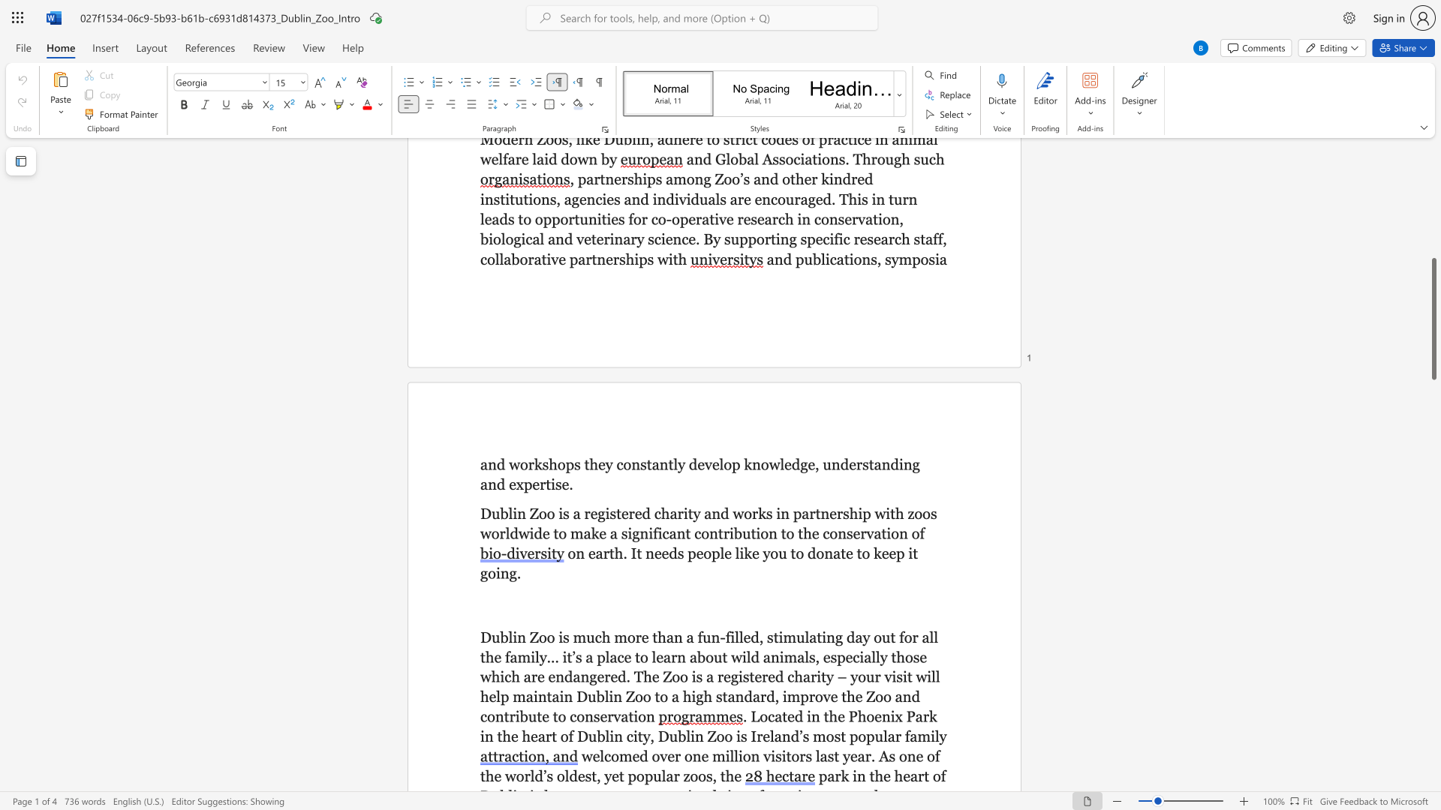  What do you see at coordinates (538, 463) in the screenshot?
I see `the 1th character "k" in the text` at bounding box center [538, 463].